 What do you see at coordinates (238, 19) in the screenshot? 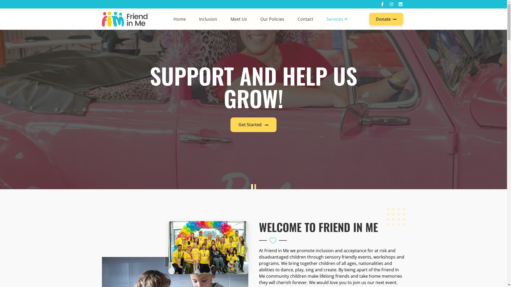
I see `'Meet Us'` at bounding box center [238, 19].